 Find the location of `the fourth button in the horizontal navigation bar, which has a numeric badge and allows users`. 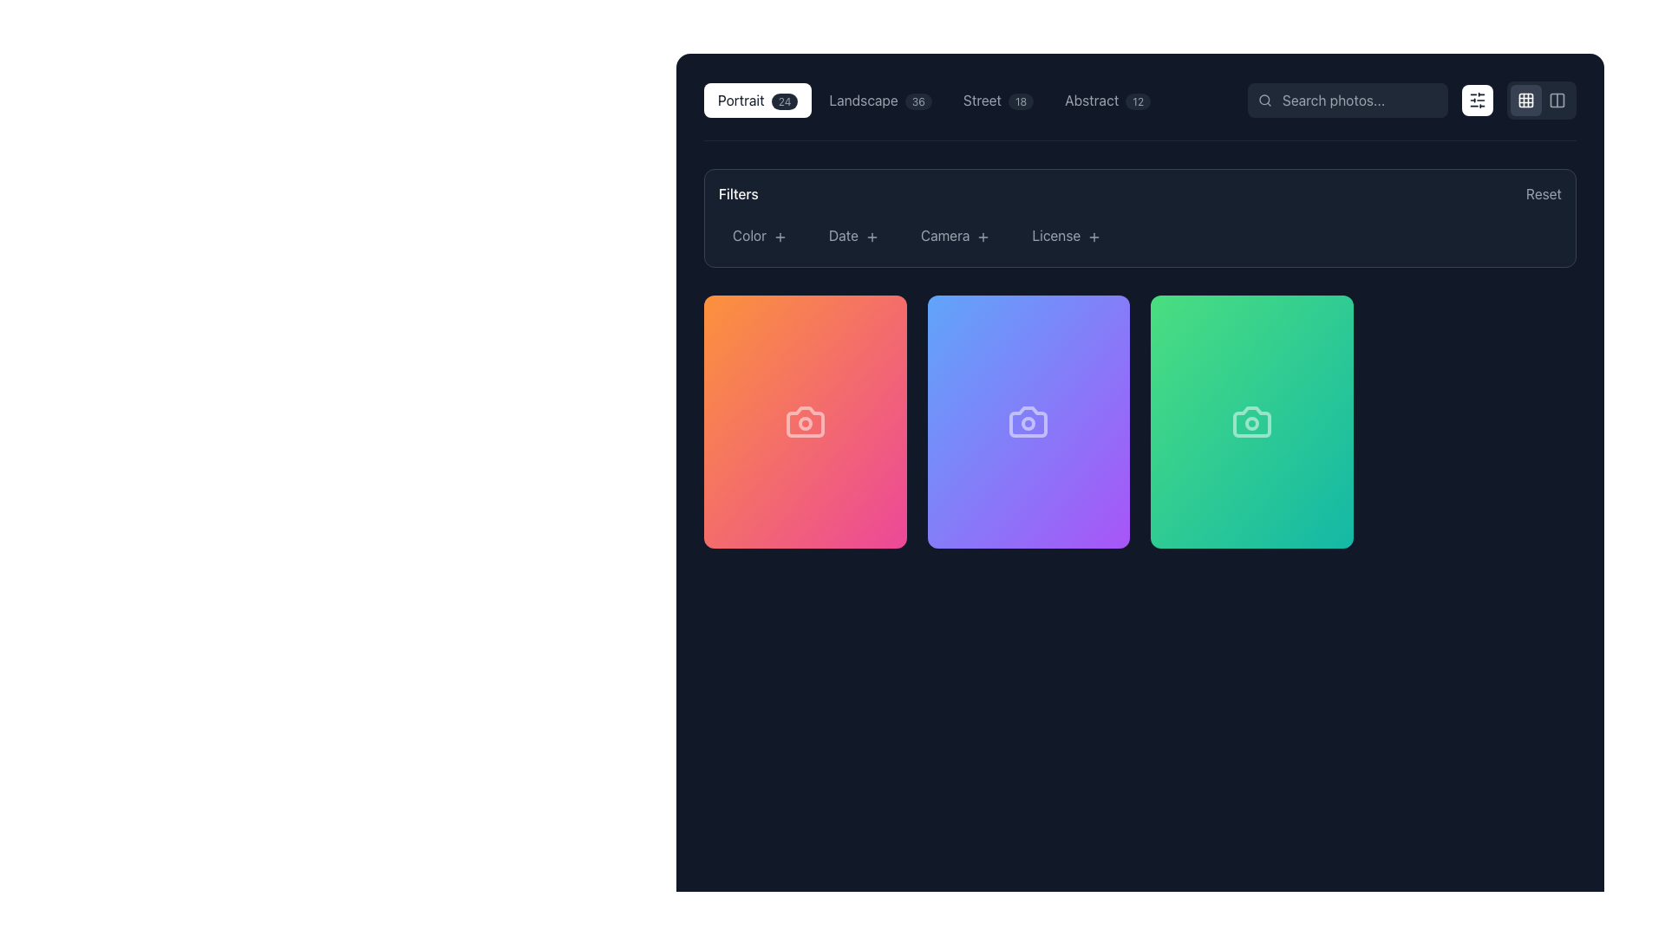

the fourth button in the horizontal navigation bar, which has a numeric badge and allows users is located at coordinates (1107, 100).